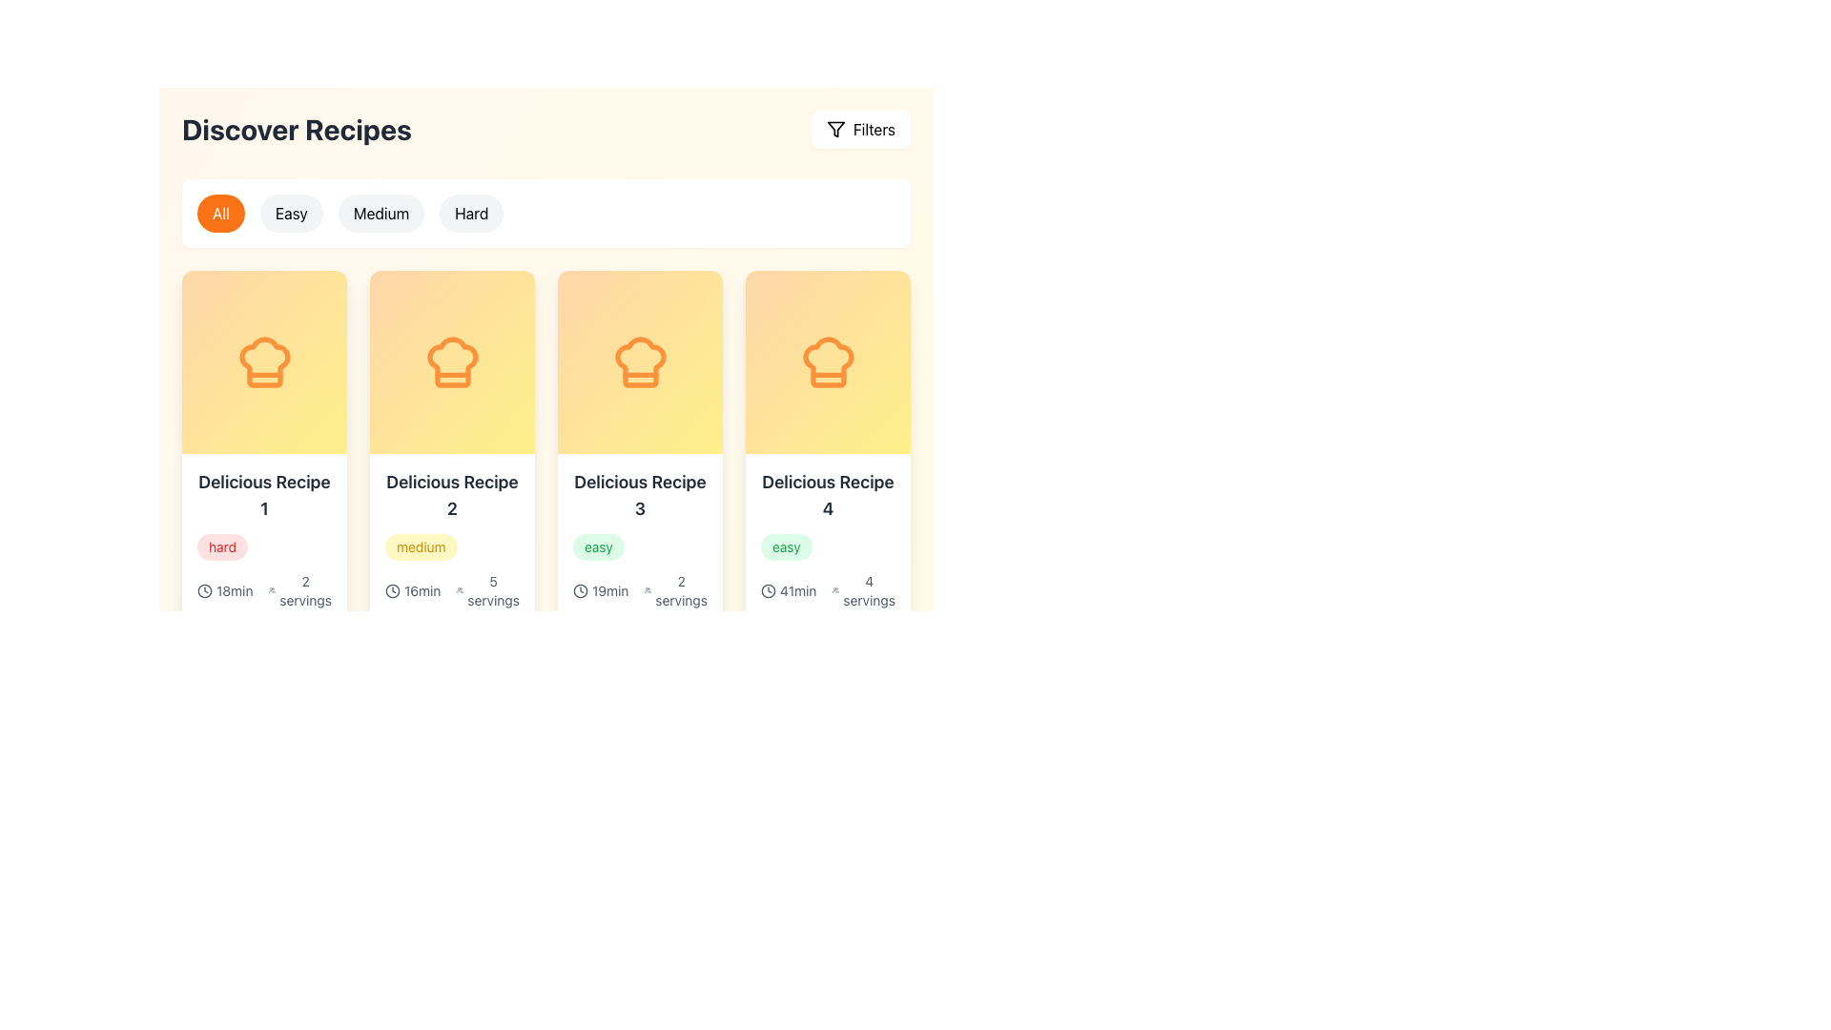 Image resolution: width=1831 pixels, height=1030 pixels. Describe the element at coordinates (205, 590) in the screenshot. I see `the decorative clock icon located at the bottom-left section of the first recipe card titled 'Delicious Recipe 1', positioned just before the text '18min'` at that location.